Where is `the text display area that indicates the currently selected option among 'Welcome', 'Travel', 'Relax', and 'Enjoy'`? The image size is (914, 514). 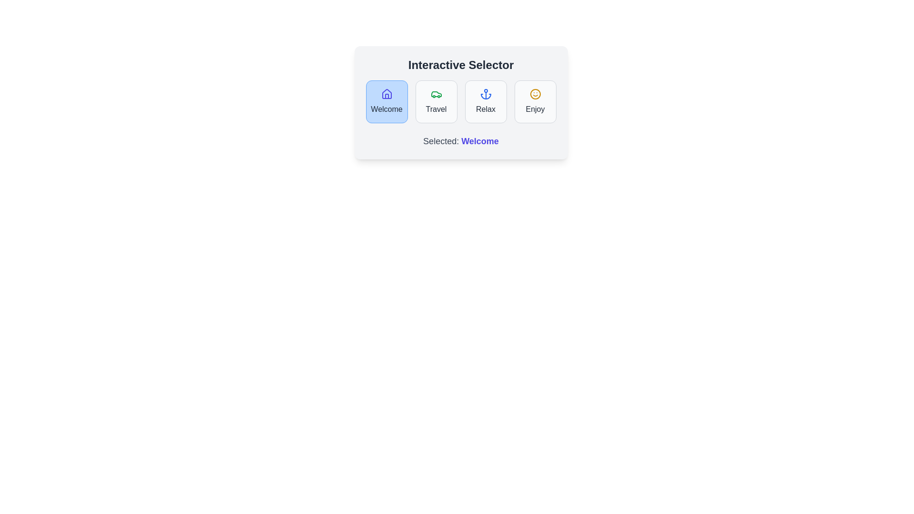 the text display area that indicates the currently selected option among 'Welcome', 'Travel', 'Relax', and 'Enjoy' is located at coordinates (461, 141).